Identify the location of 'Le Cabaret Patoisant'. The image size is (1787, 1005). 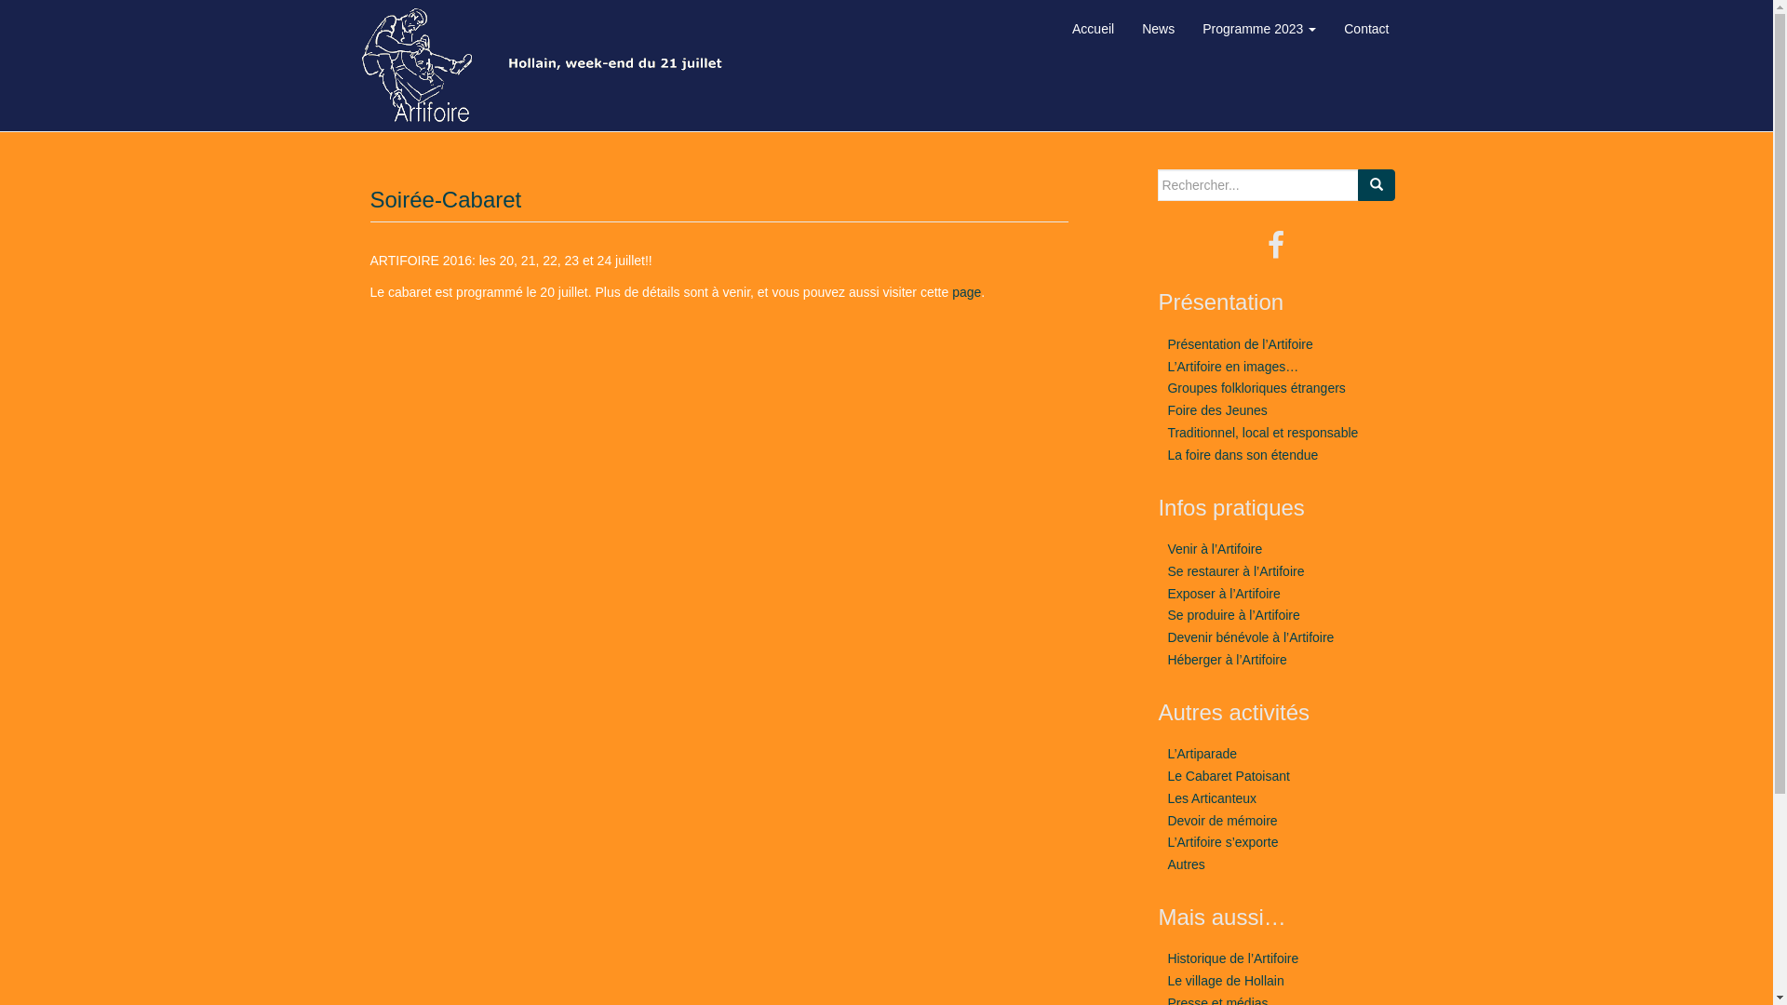
(1229, 775).